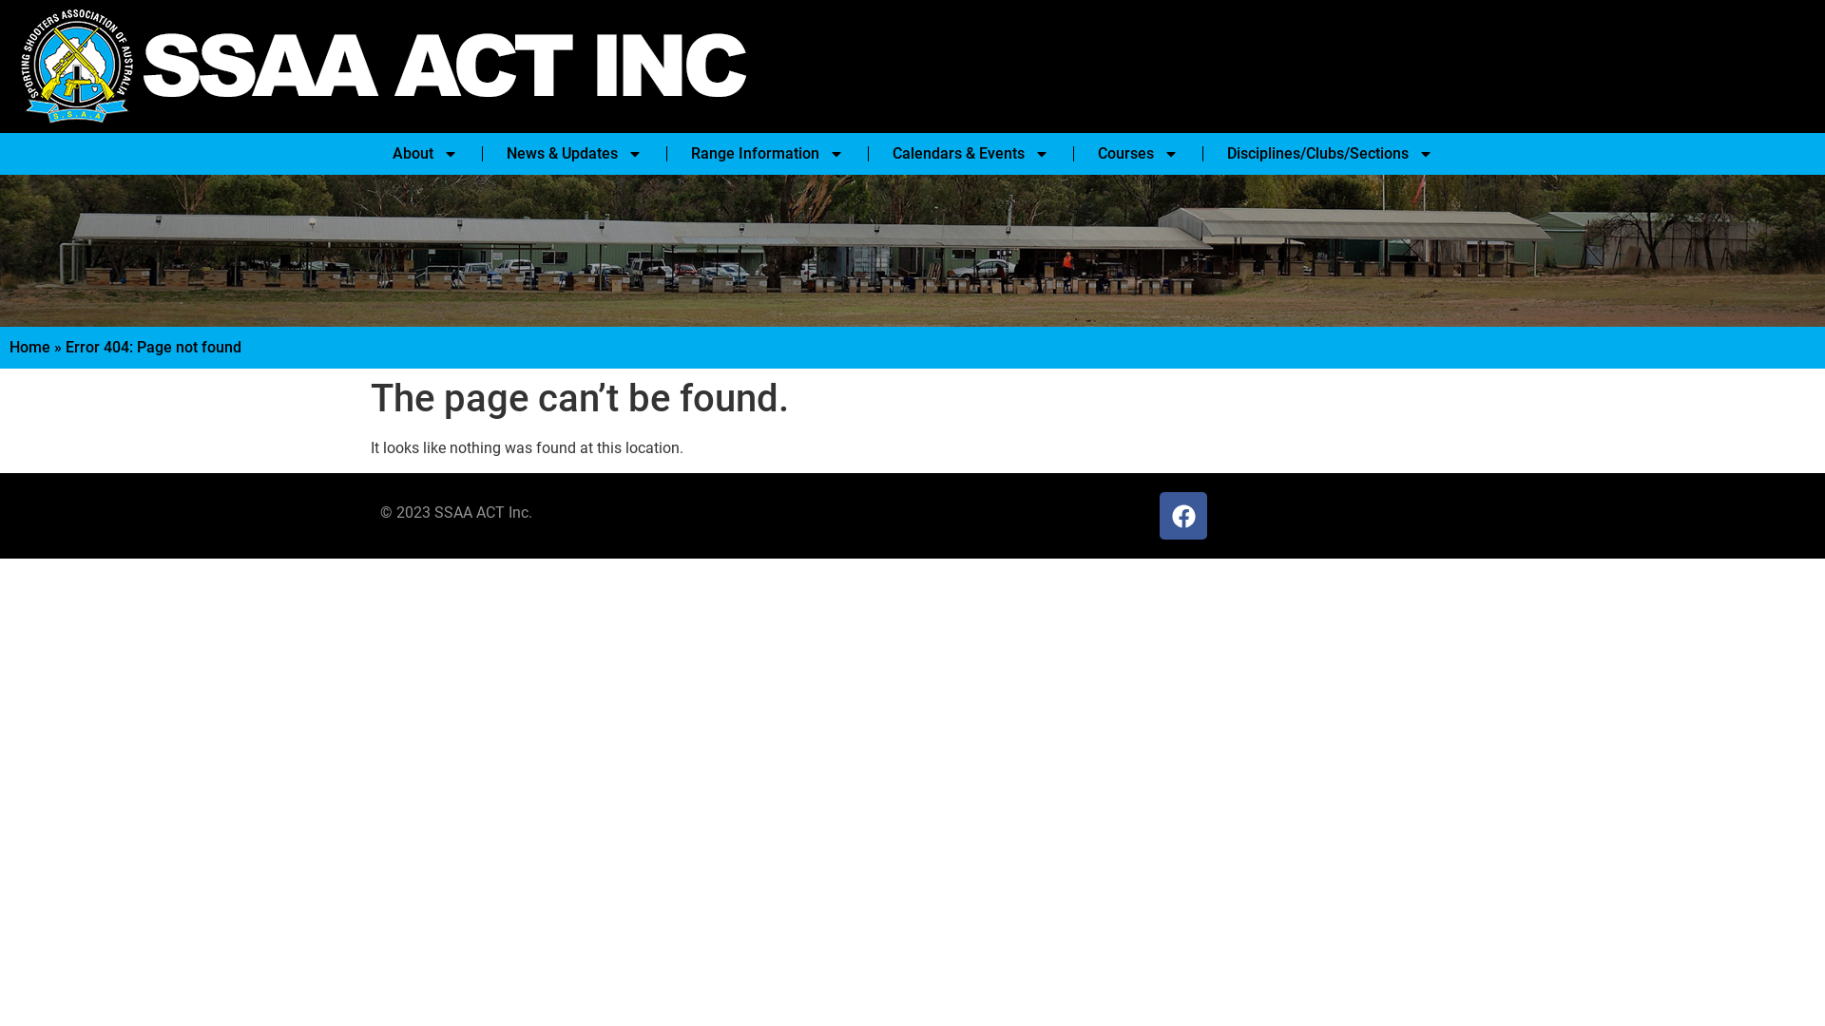 The height and width of the screenshot is (1026, 1825). I want to click on 'News & Updates', so click(487, 153).